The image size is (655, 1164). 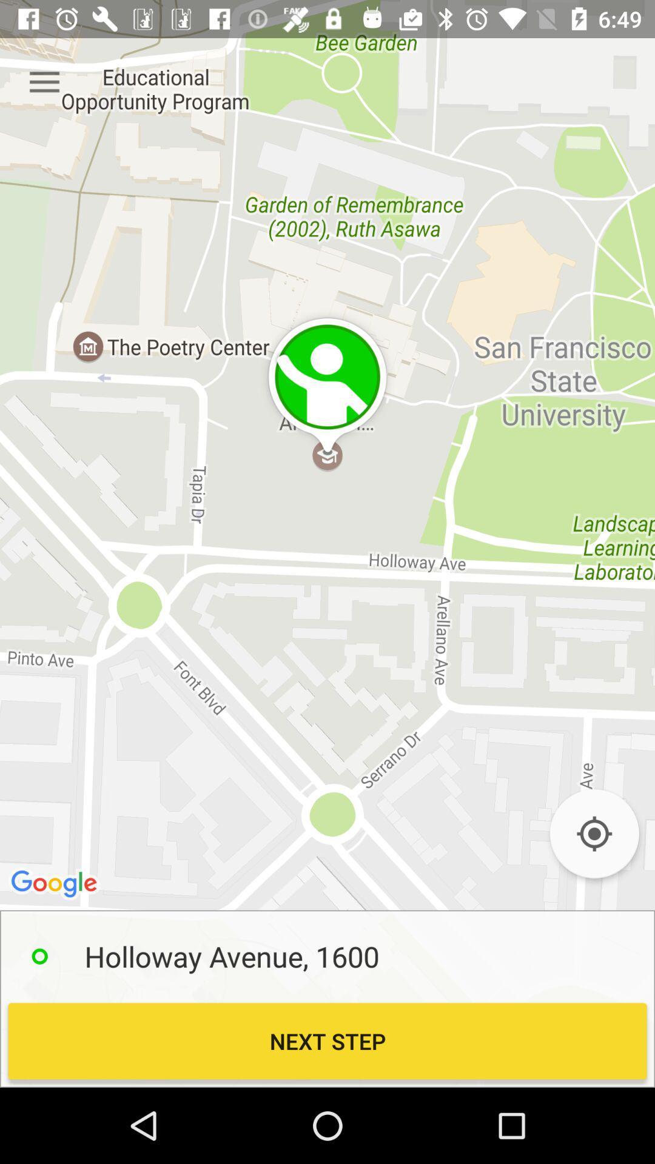 I want to click on ave, so click(x=594, y=833).